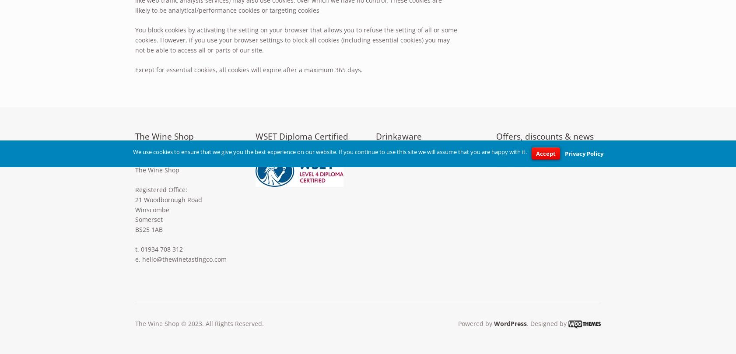 This screenshot has width=736, height=354. I want to click on '21 Woodborough Road', so click(168, 199).